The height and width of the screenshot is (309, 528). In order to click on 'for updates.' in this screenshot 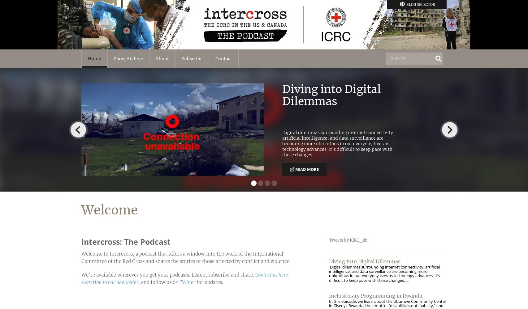, I will do `click(209, 282)`.